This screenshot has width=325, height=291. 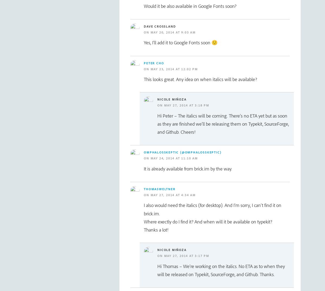 What do you see at coordinates (223, 124) in the screenshot?
I see `'Hi Peter – The italics will be coming. There’s no ETA yet but as soon as they are finished we’ll be releasing them on Typekit, SourceForge, and Github. Cheers!'` at bounding box center [223, 124].